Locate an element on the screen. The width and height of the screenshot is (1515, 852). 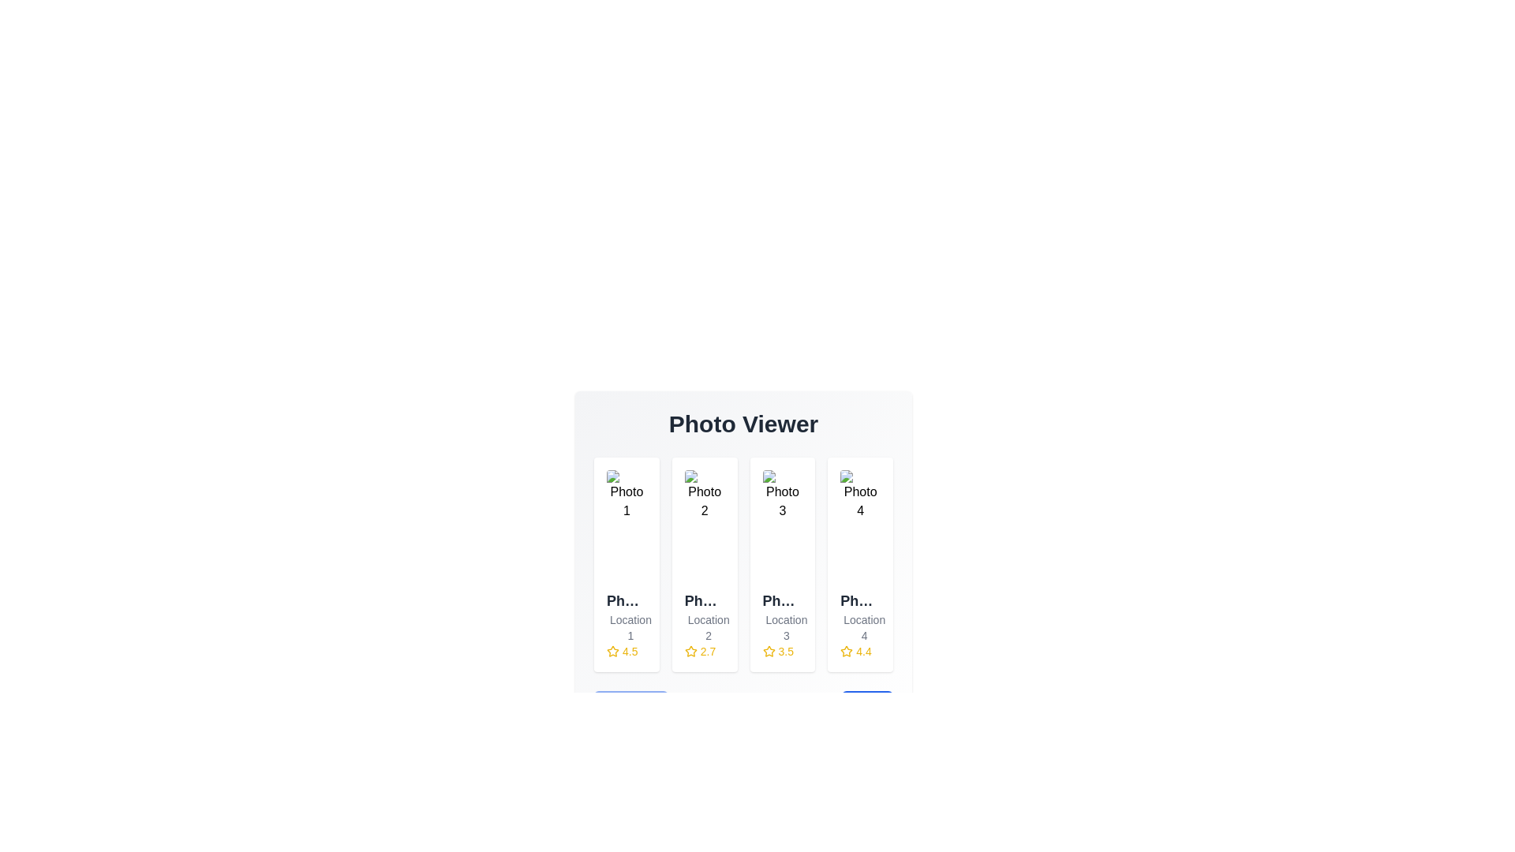
the star icon representing the average user rating for 'Photo 2' in the 'Photo Viewer' layout, located in the second column adjacent to the numeric rating value is located at coordinates (690, 651).